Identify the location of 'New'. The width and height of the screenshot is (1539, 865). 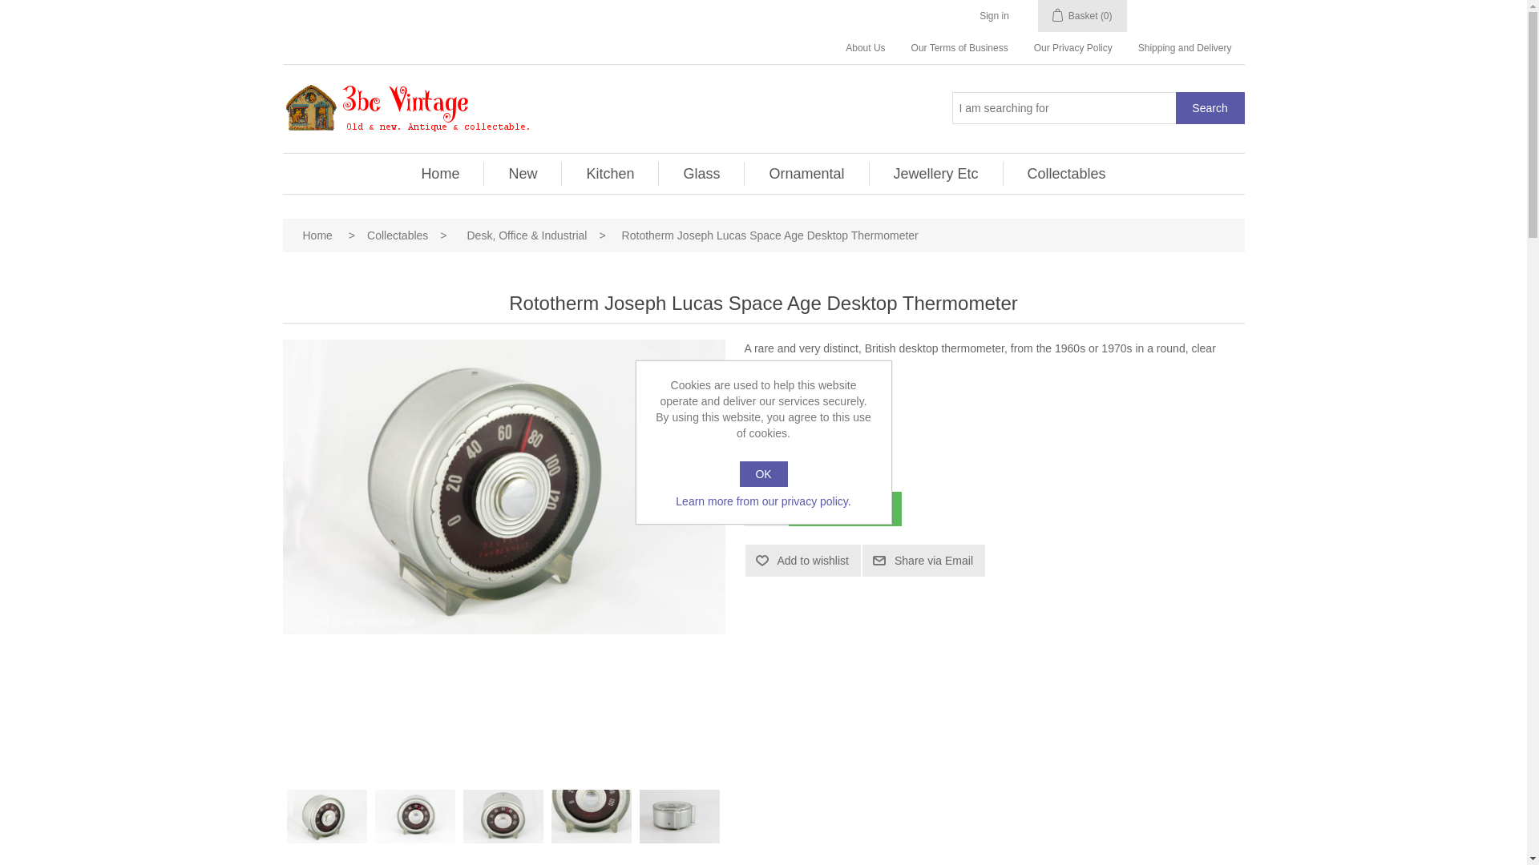
(523, 173).